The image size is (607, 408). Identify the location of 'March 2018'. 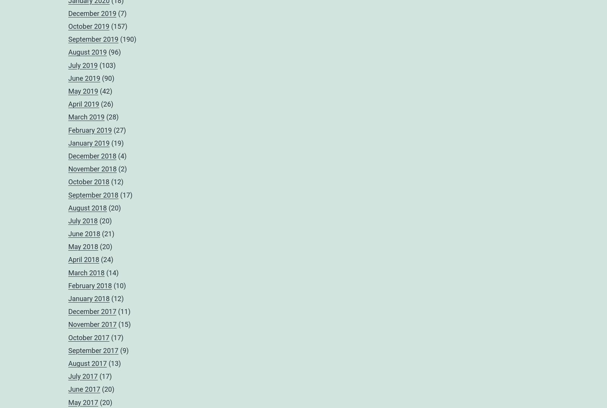
(68, 272).